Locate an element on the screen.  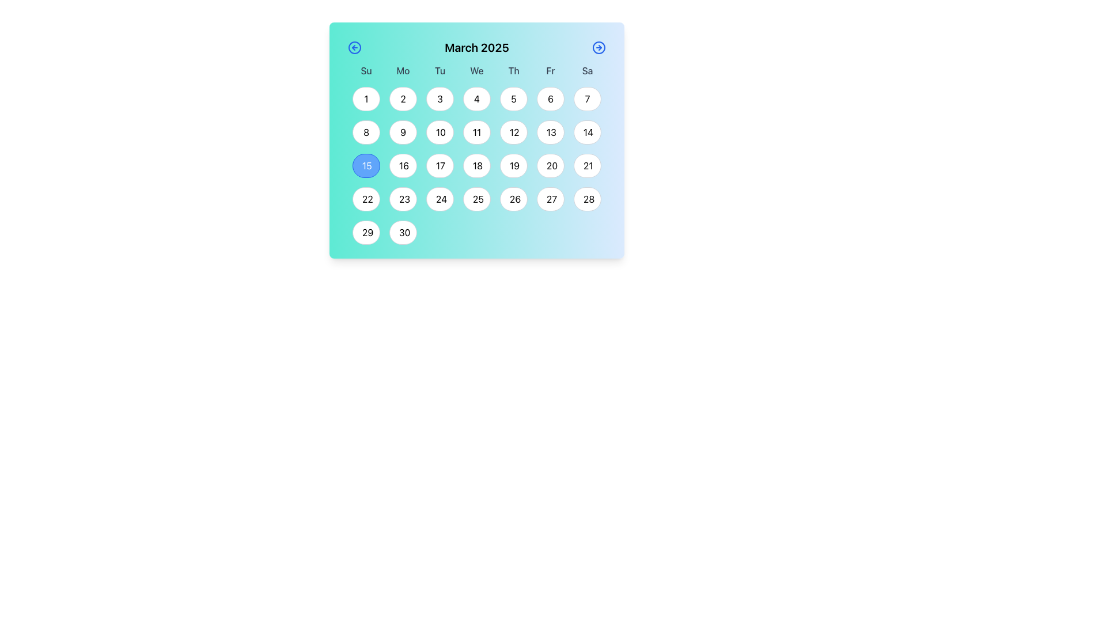
the calendar button representing the date '26' under Thursday is located at coordinates (513, 199).